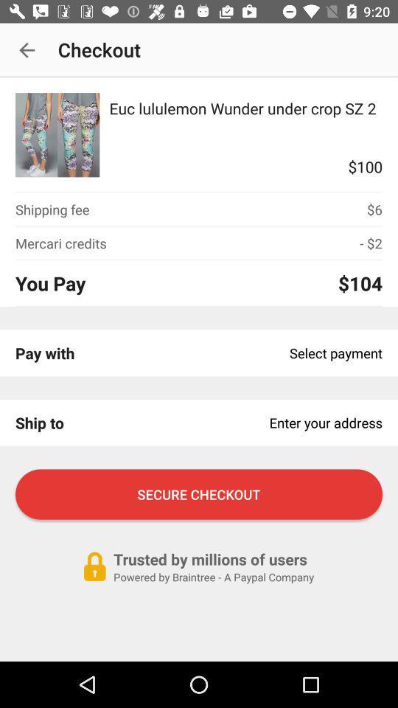  I want to click on the icon above trusted by millions item, so click(199, 494).